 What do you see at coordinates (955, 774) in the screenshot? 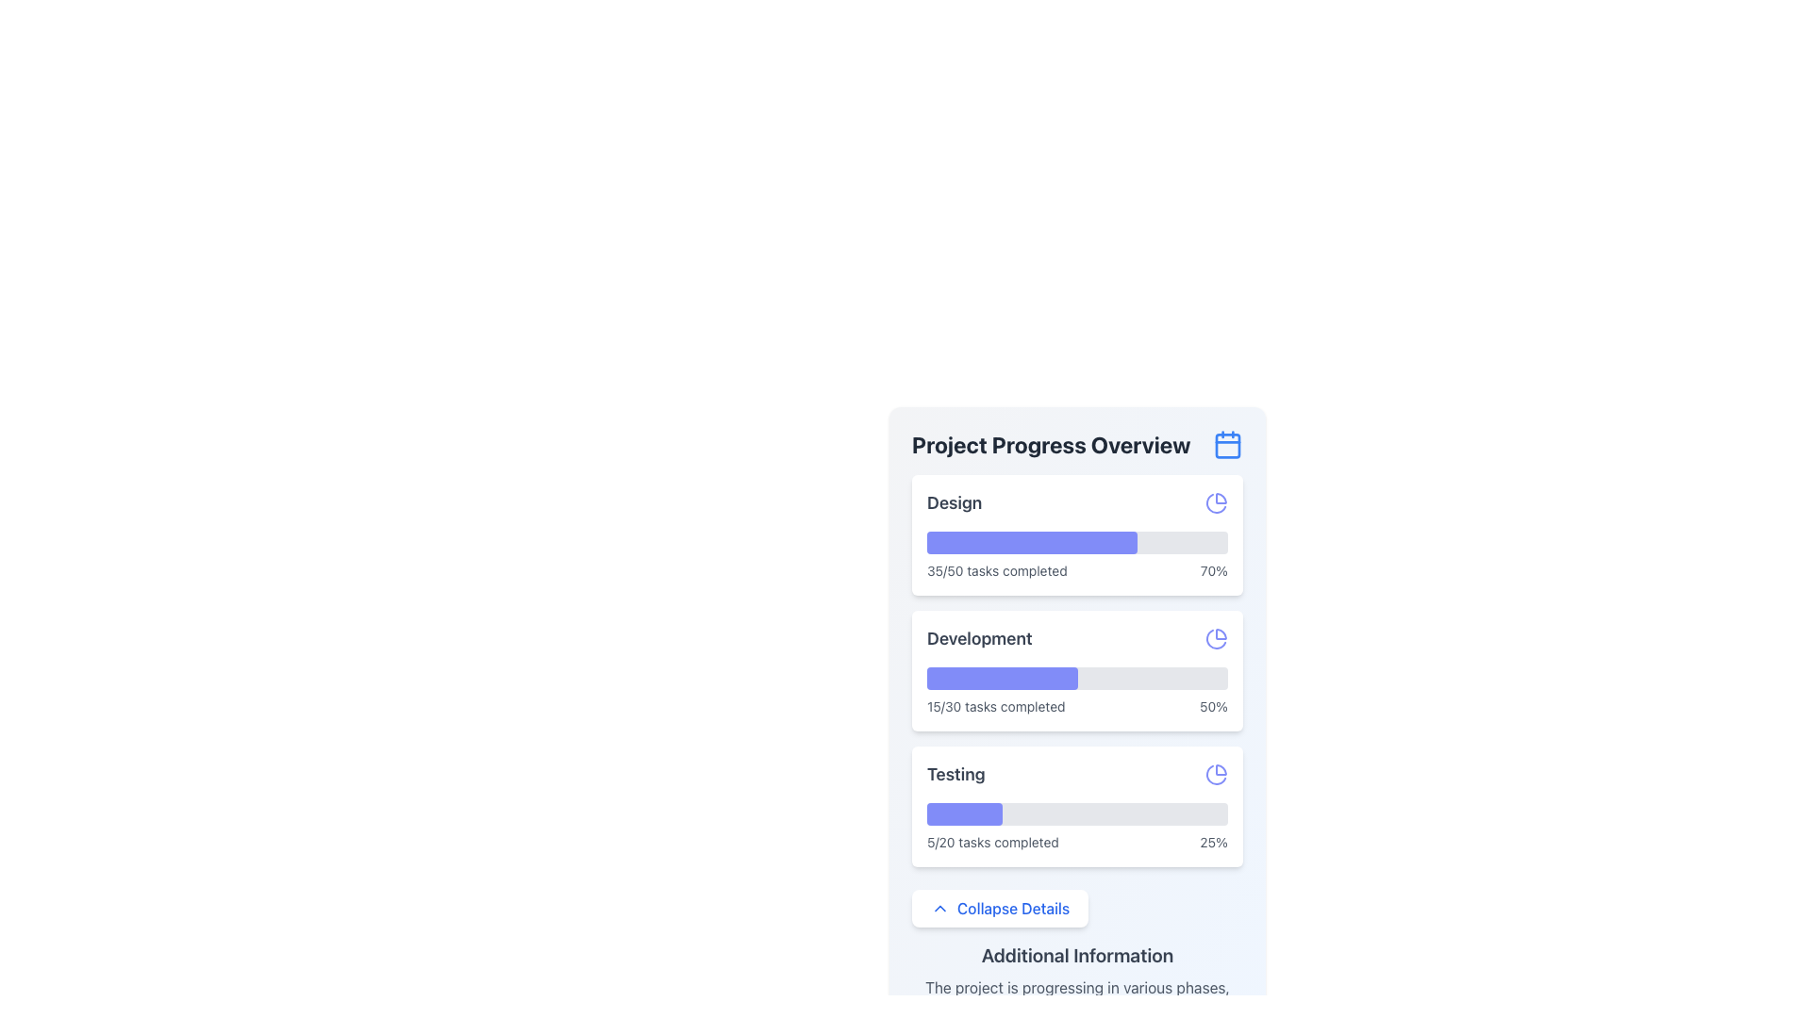
I see `the 'Testing' text label which displays the text in bold medium gray within a white box, located in the middle section of its containing box` at bounding box center [955, 774].